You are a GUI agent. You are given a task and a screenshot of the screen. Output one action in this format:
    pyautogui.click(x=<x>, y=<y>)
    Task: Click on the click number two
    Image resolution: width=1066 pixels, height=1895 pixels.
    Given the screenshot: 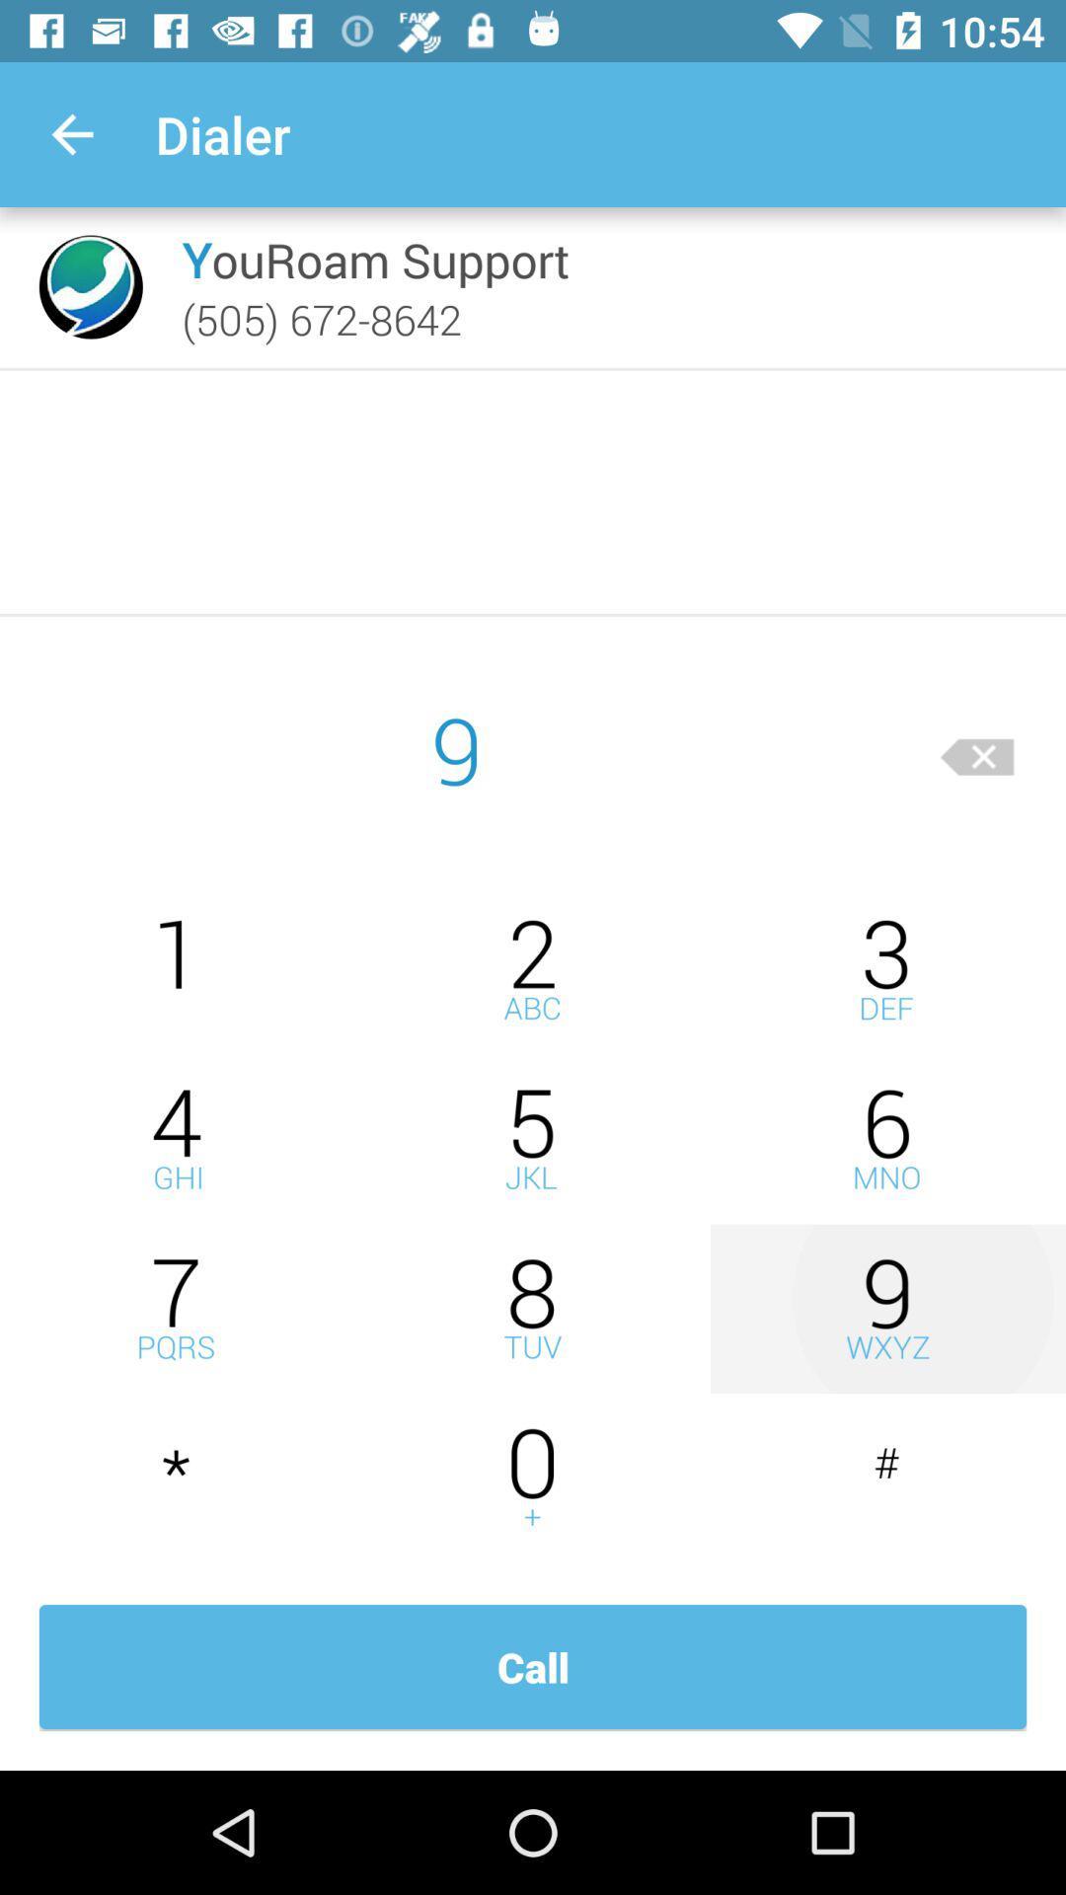 What is the action you would take?
    pyautogui.click(x=533, y=969)
    